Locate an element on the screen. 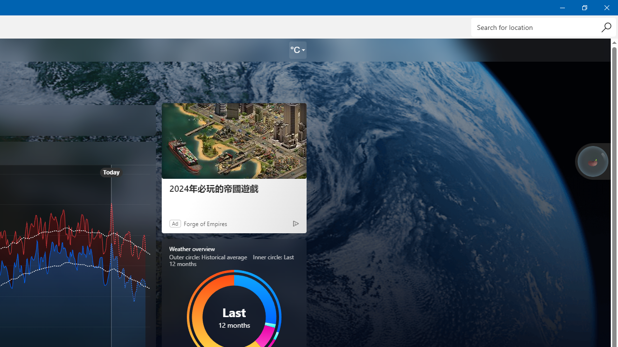 This screenshot has height=347, width=618. 'Close Weather' is located at coordinates (606, 7).